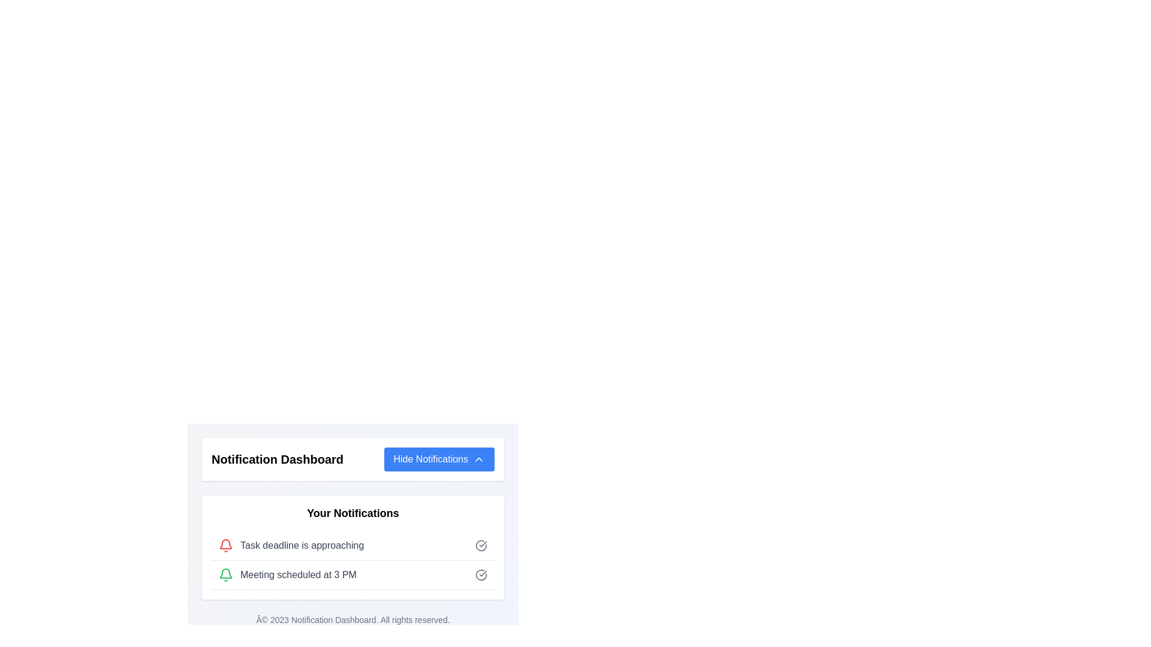  What do you see at coordinates (481, 575) in the screenshot?
I see `the icon button for the notification 'Meeting scheduled at 3 PM' to change its color` at bounding box center [481, 575].